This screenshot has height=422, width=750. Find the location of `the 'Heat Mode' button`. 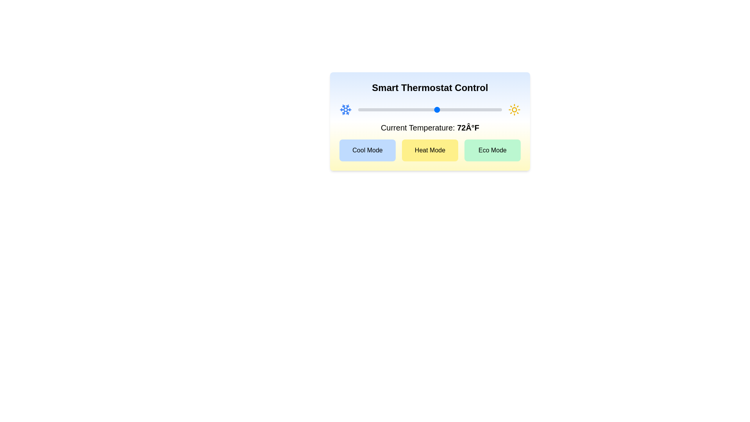

the 'Heat Mode' button is located at coordinates (429, 150).